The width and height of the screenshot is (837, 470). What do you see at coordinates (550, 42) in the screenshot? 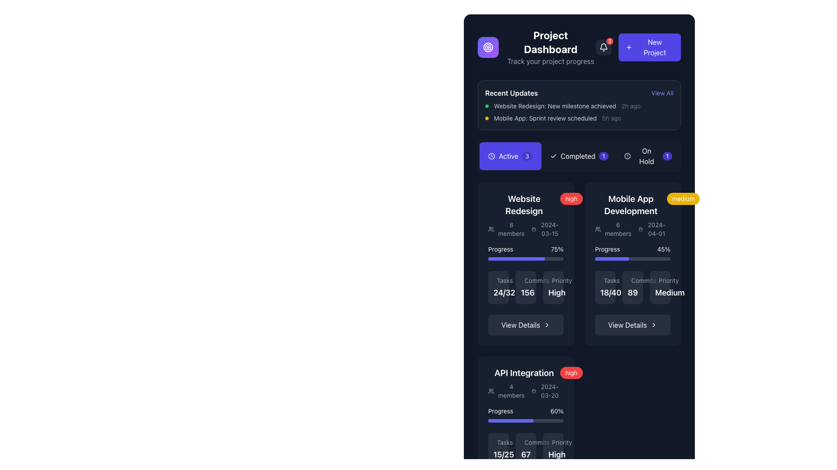
I see `the bold, white text labeled 'Project Dashboard' at the top of the interface` at bounding box center [550, 42].